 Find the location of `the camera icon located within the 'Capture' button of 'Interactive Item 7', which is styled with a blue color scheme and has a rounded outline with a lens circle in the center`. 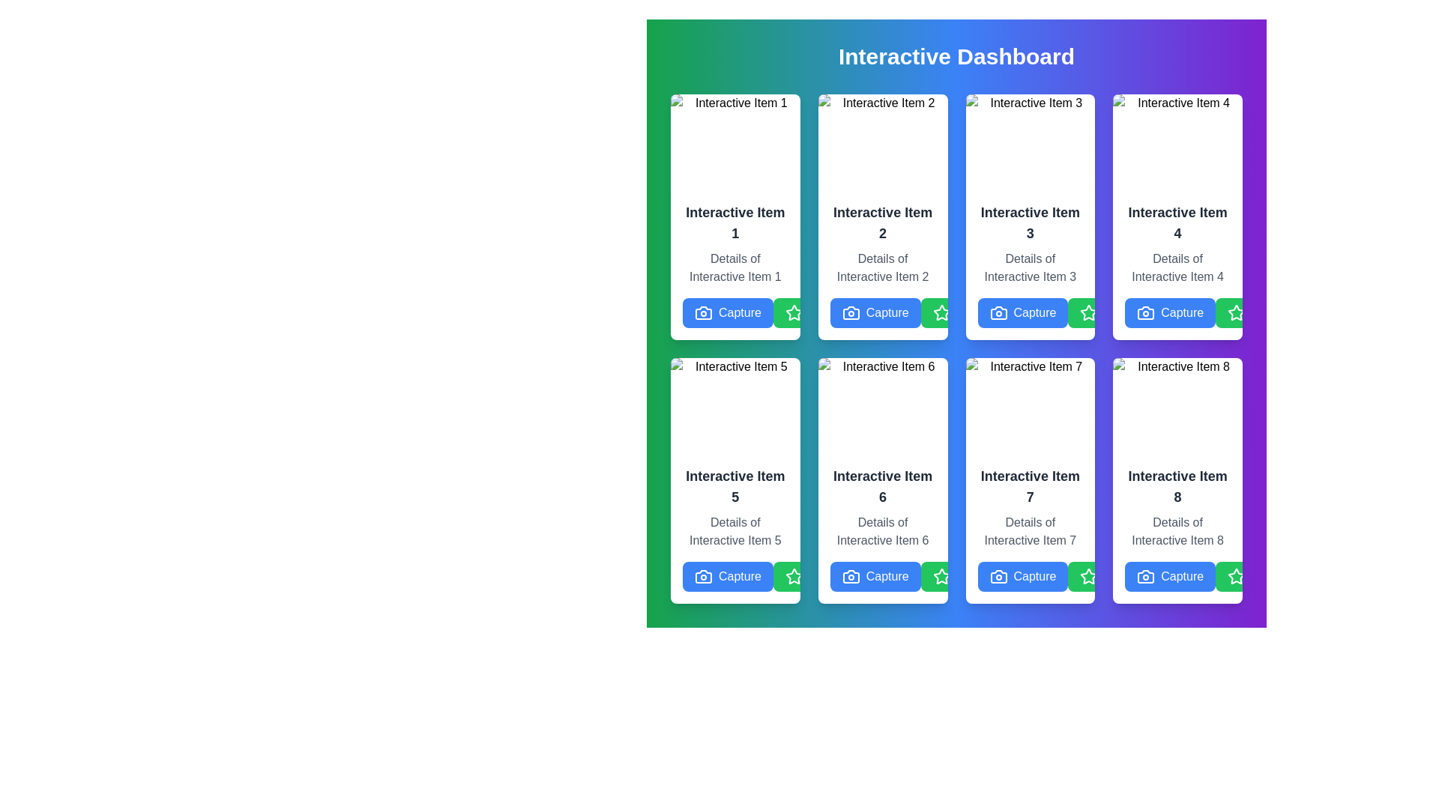

the camera icon located within the 'Capture' button of 'Interactive Item 7', which is styled with a blue color scheme and has a rounded outline with a lens circle in the center is located at coordinates (998, 576).